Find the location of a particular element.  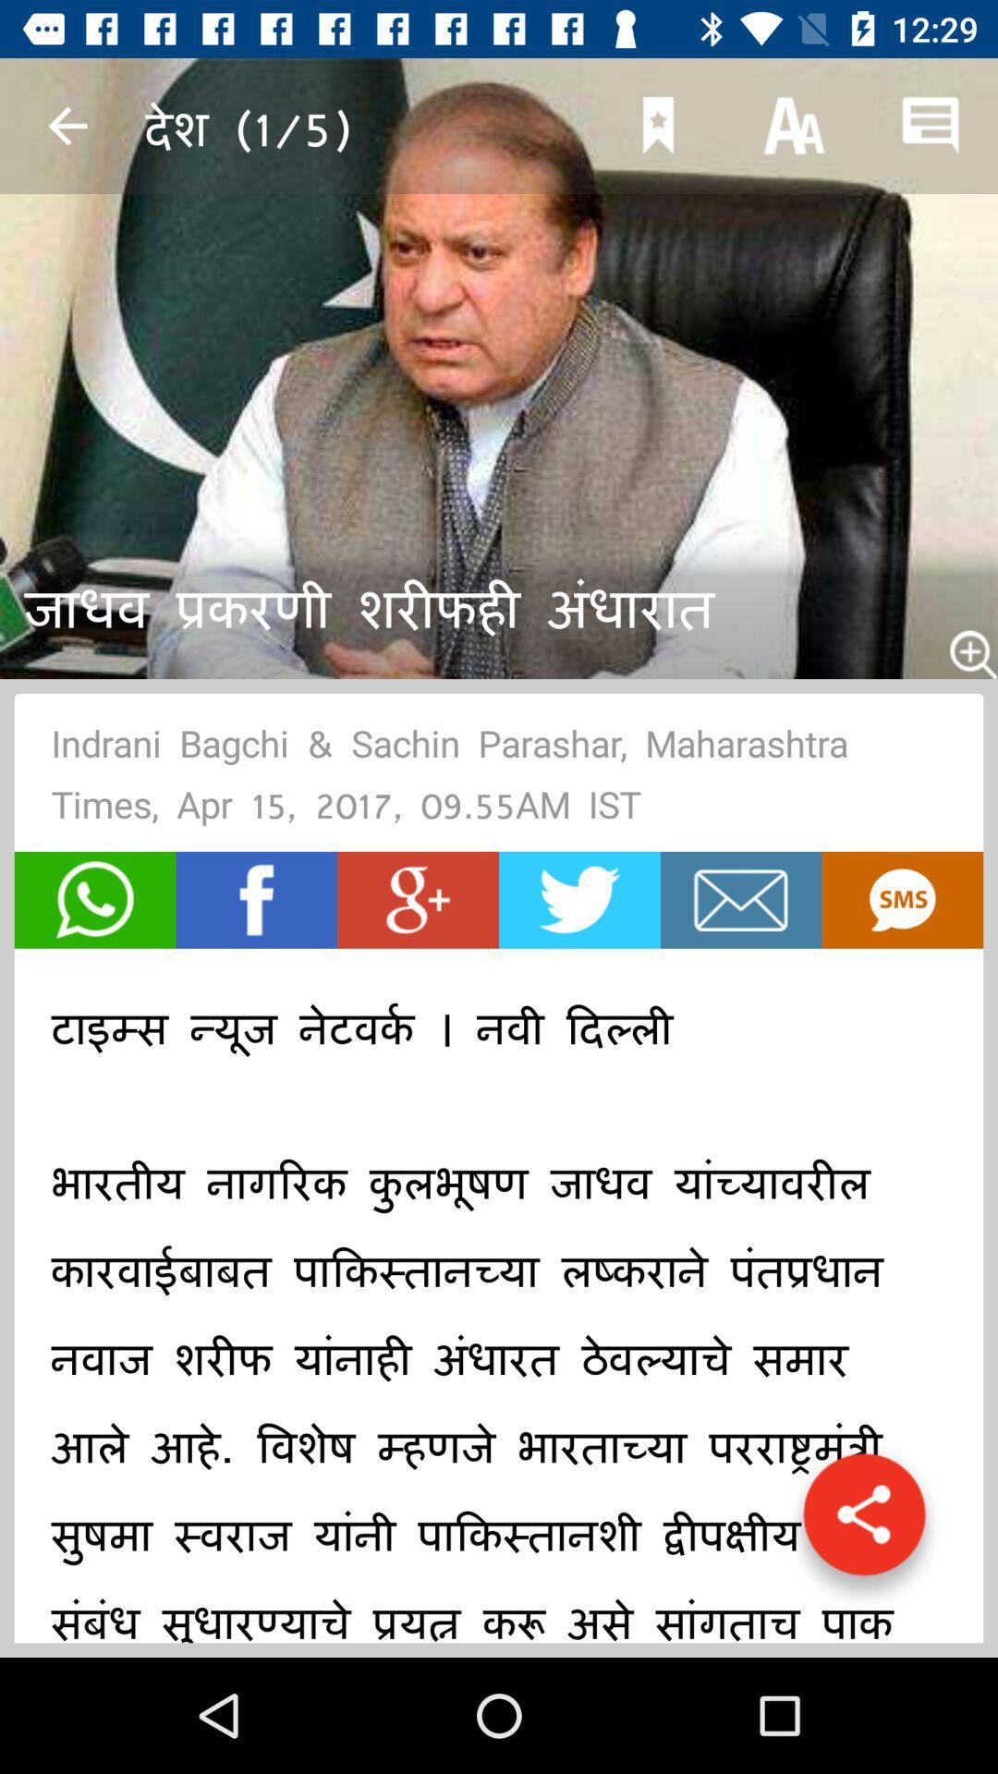

the item at the bottom right corner is located at coordinates (864, 1524).